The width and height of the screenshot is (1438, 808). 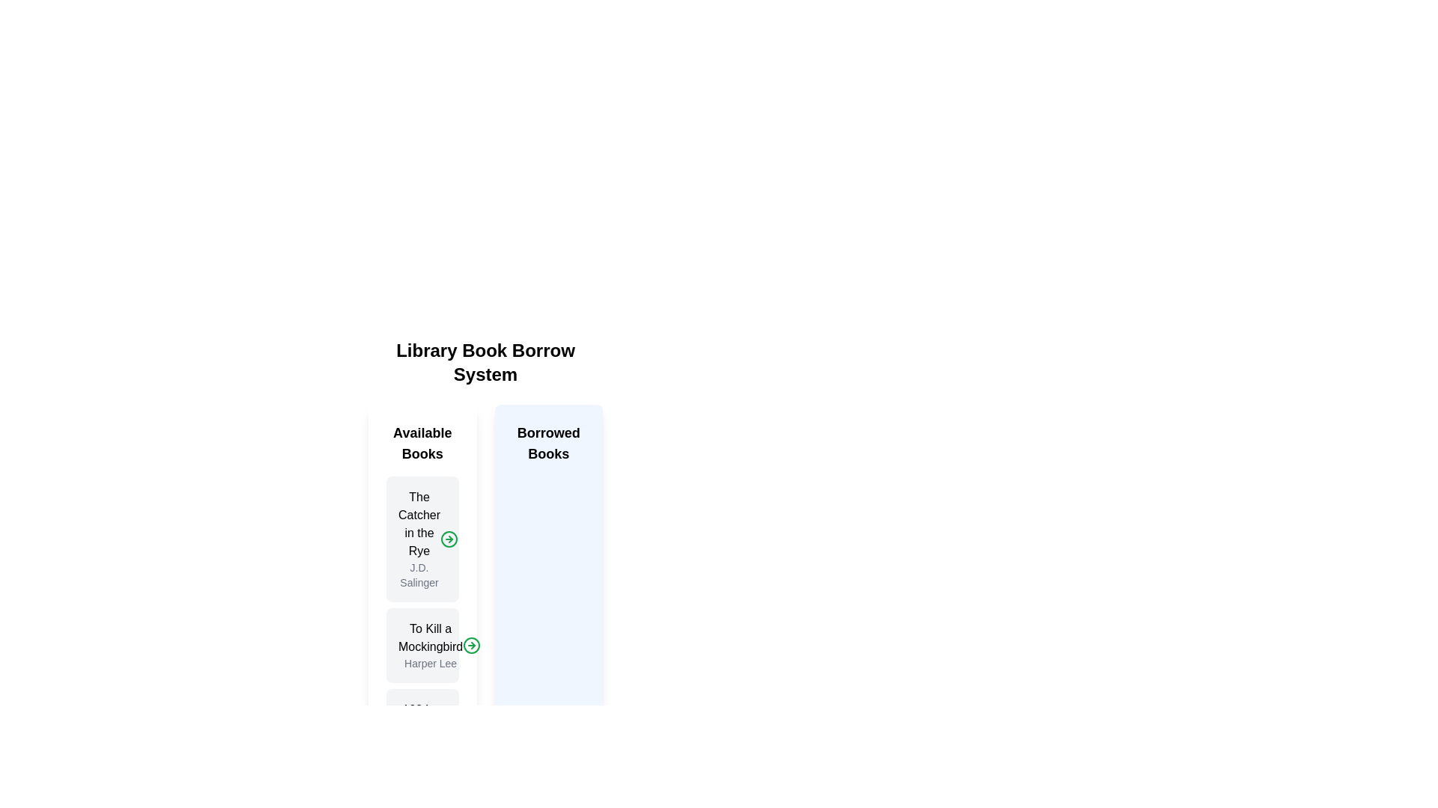 I want to click on the text label displaying 'Borrowed Books', which is a bold heading within a blue shaded box located centrally in the interface, so click(x=547, y=443).